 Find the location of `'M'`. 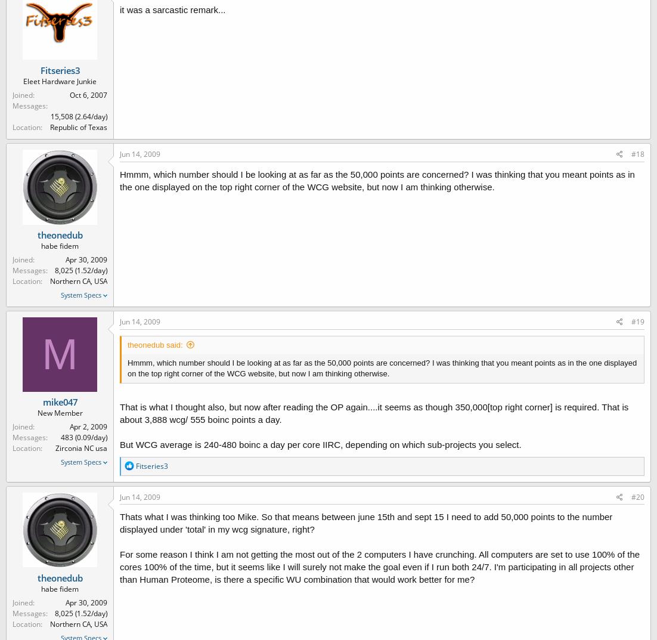

'M' is located at coordinates (59, 354).